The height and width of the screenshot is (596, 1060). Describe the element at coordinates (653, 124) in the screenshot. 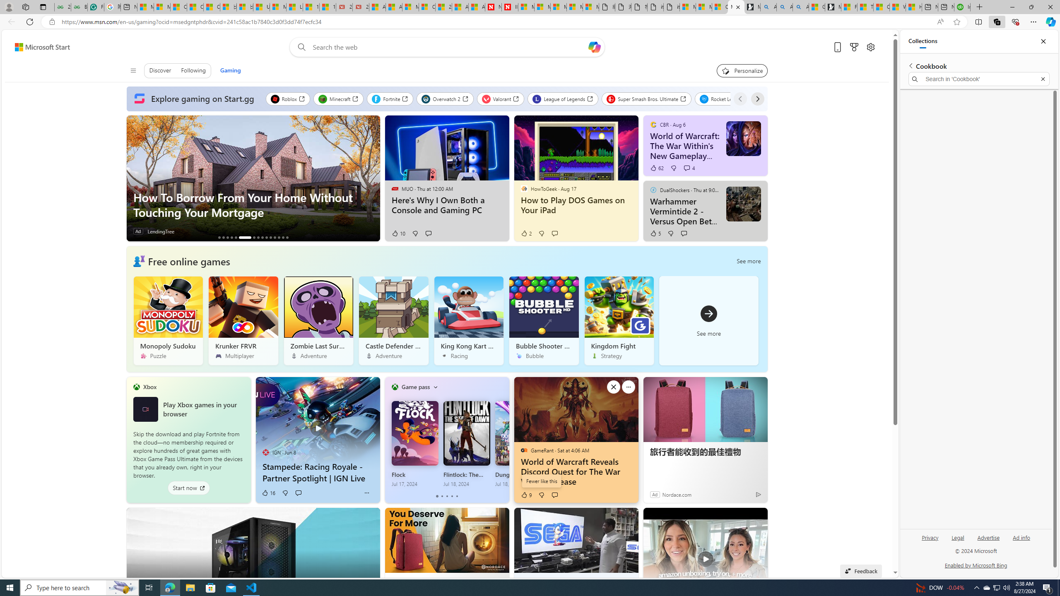

I see `'CBR'` at that location.